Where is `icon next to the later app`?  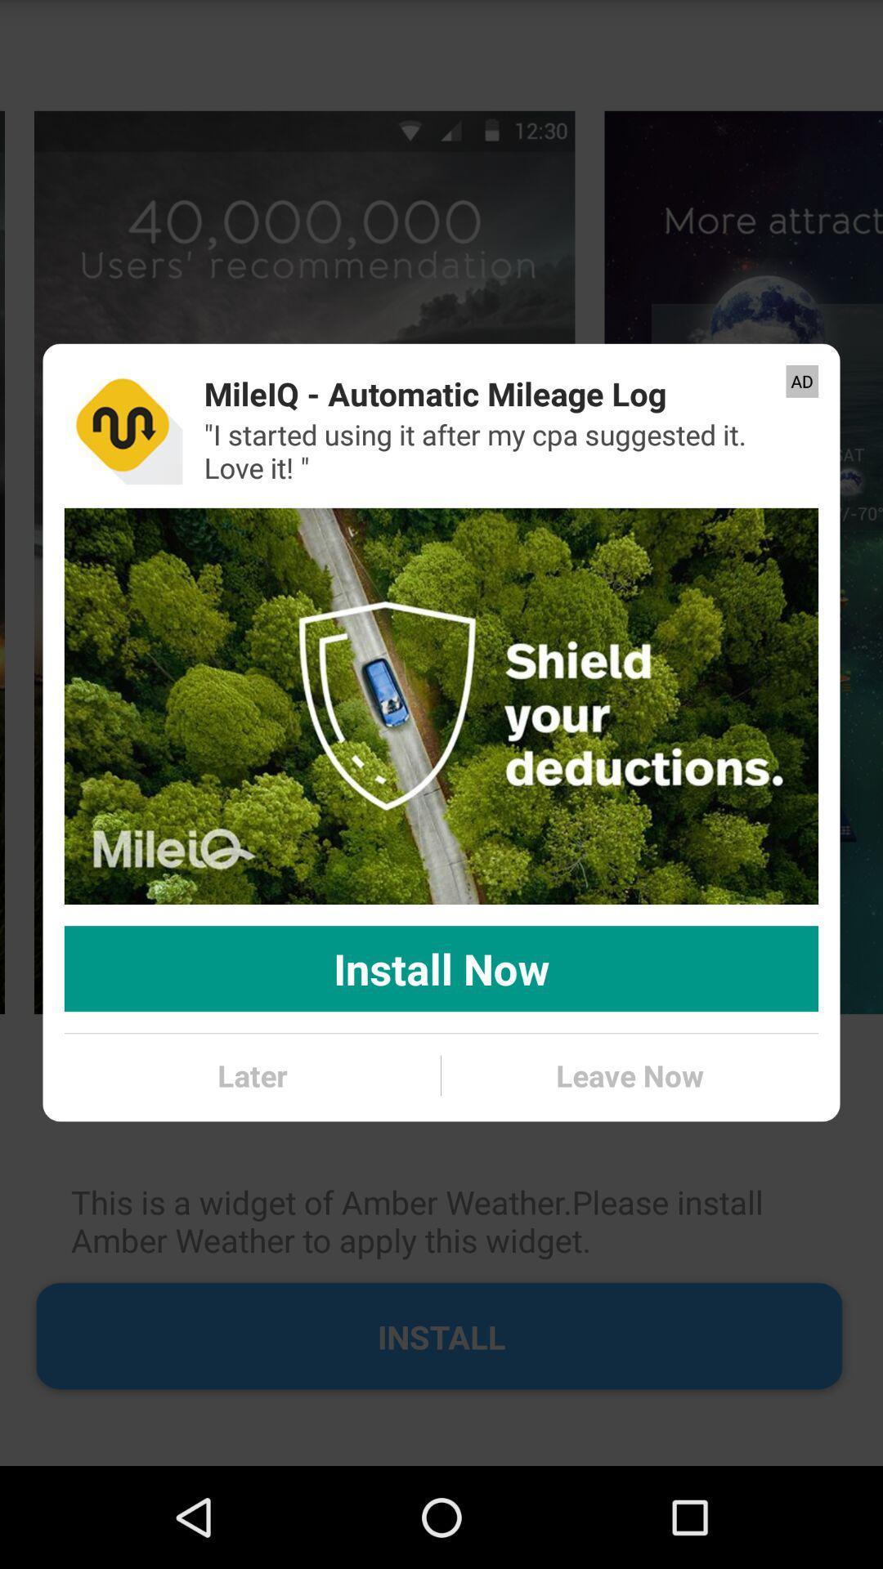
icon next to the later app is located at coordinates (629, 1075).